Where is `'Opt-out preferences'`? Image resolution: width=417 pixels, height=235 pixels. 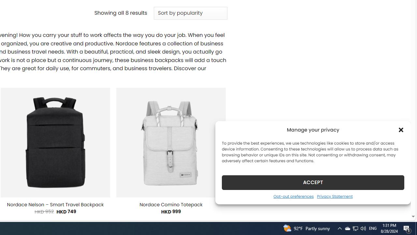 'Opt-out preferences' is located at coordinates (293, 196).